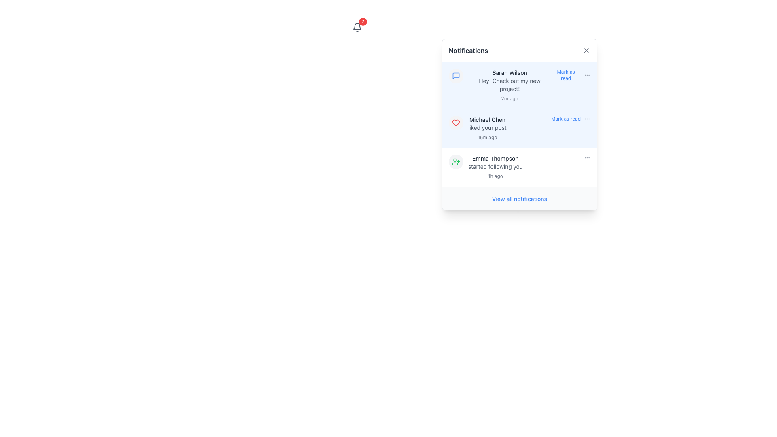 The image size is (777, 437). What do you see at coordinates (509, 85) in the screenshot?
I see `text snippet that serves as the content of the notification, positioned below 'Sarah Wilson' and above '2m ago'` at bounding box center [509, 85].